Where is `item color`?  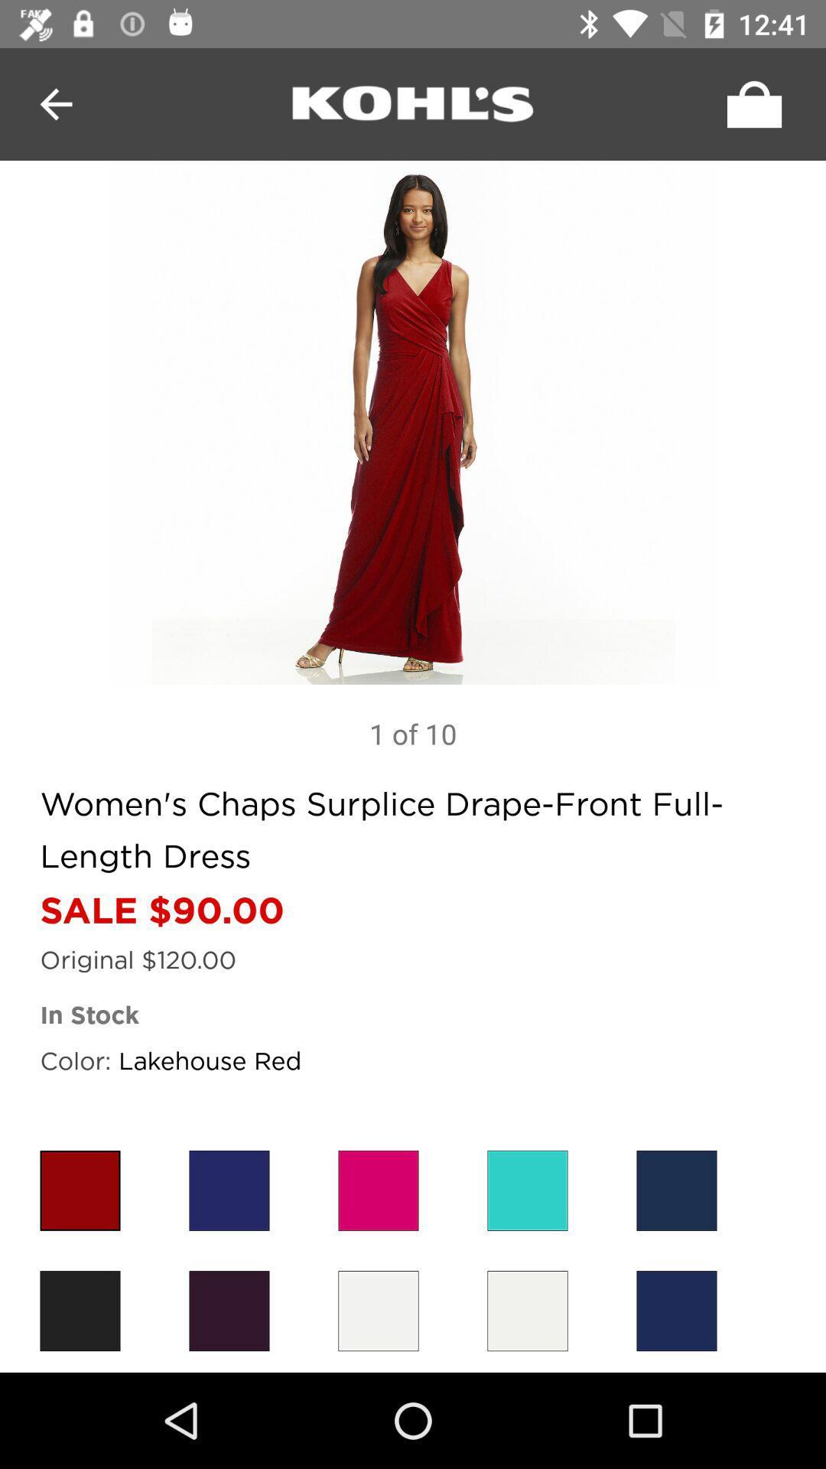
item color is located at coordinates (378, 1310).